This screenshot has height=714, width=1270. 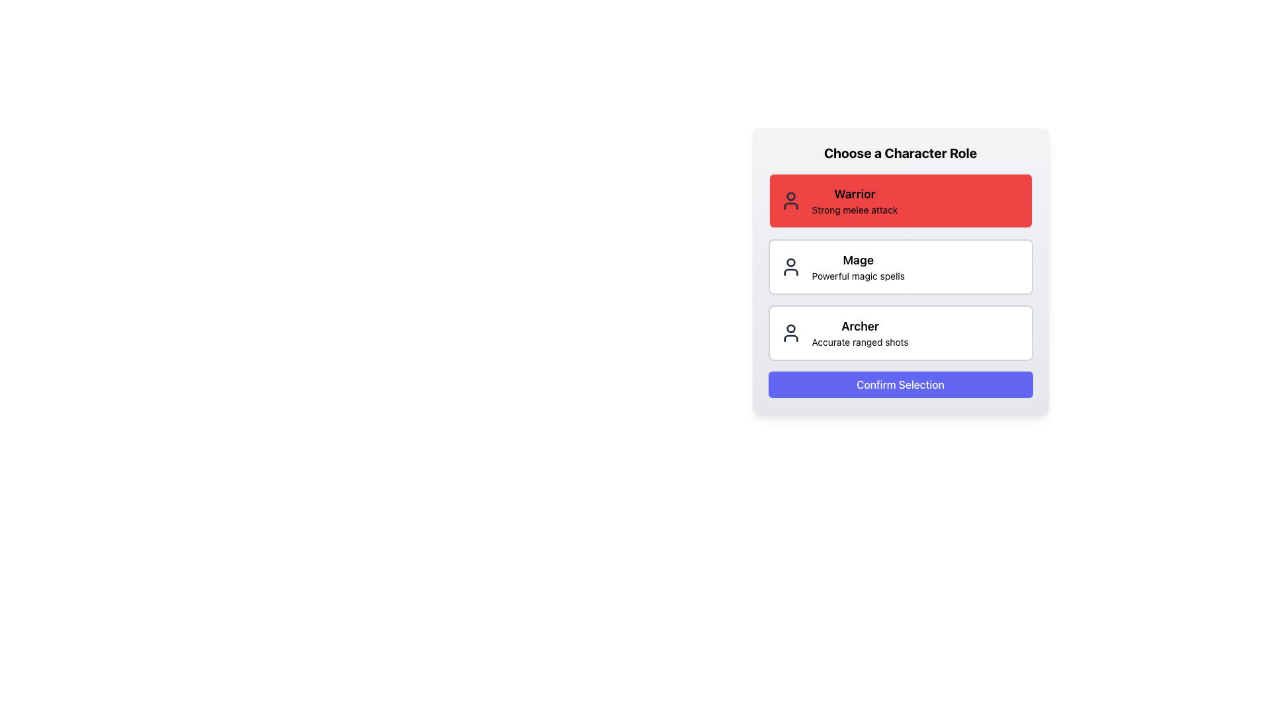 What do you see at coordinates (790, 267) in the screenshot?
I see `the 'Mage' role icon located in the second card of the character selection interface, which visually represents the role and helps users distinguish it intuitively` at bounding box center [790, 267].